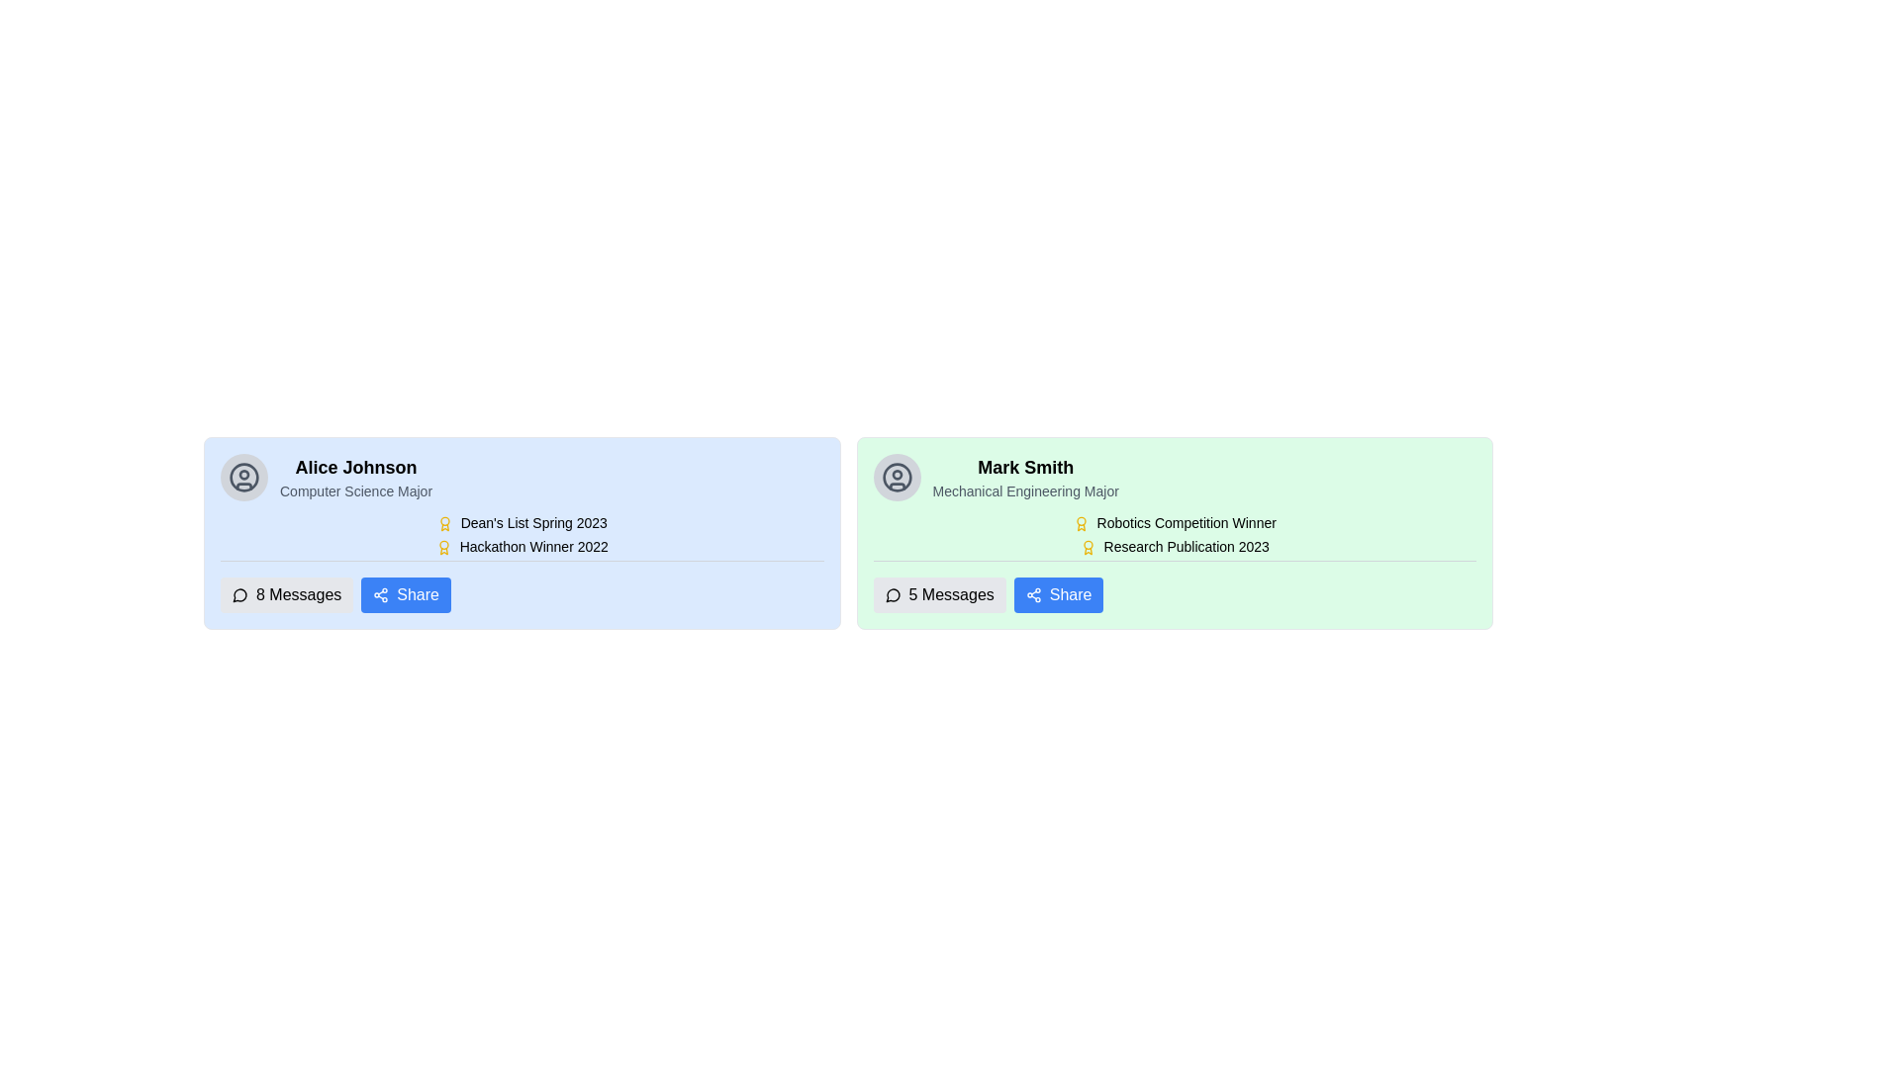 This screenshot has height=1068, width=1900. Describe the element at coordinates (1025, 490) in the screenshot. I see `the Static Text Label displaying 'Mechanical Engineering Major', which is located below the larger label 'Mark Smith' in the light green card-like section` at that location.